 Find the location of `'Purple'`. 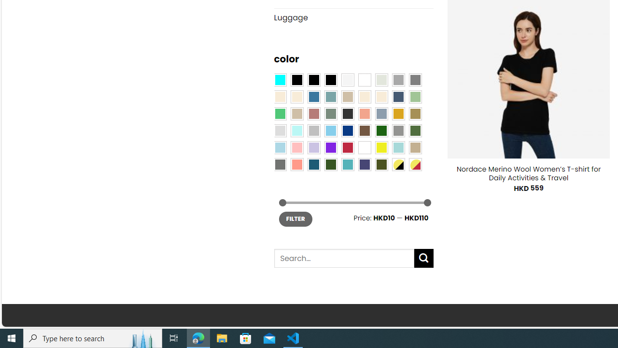

'Purple' is located at coordinates (330, 147).